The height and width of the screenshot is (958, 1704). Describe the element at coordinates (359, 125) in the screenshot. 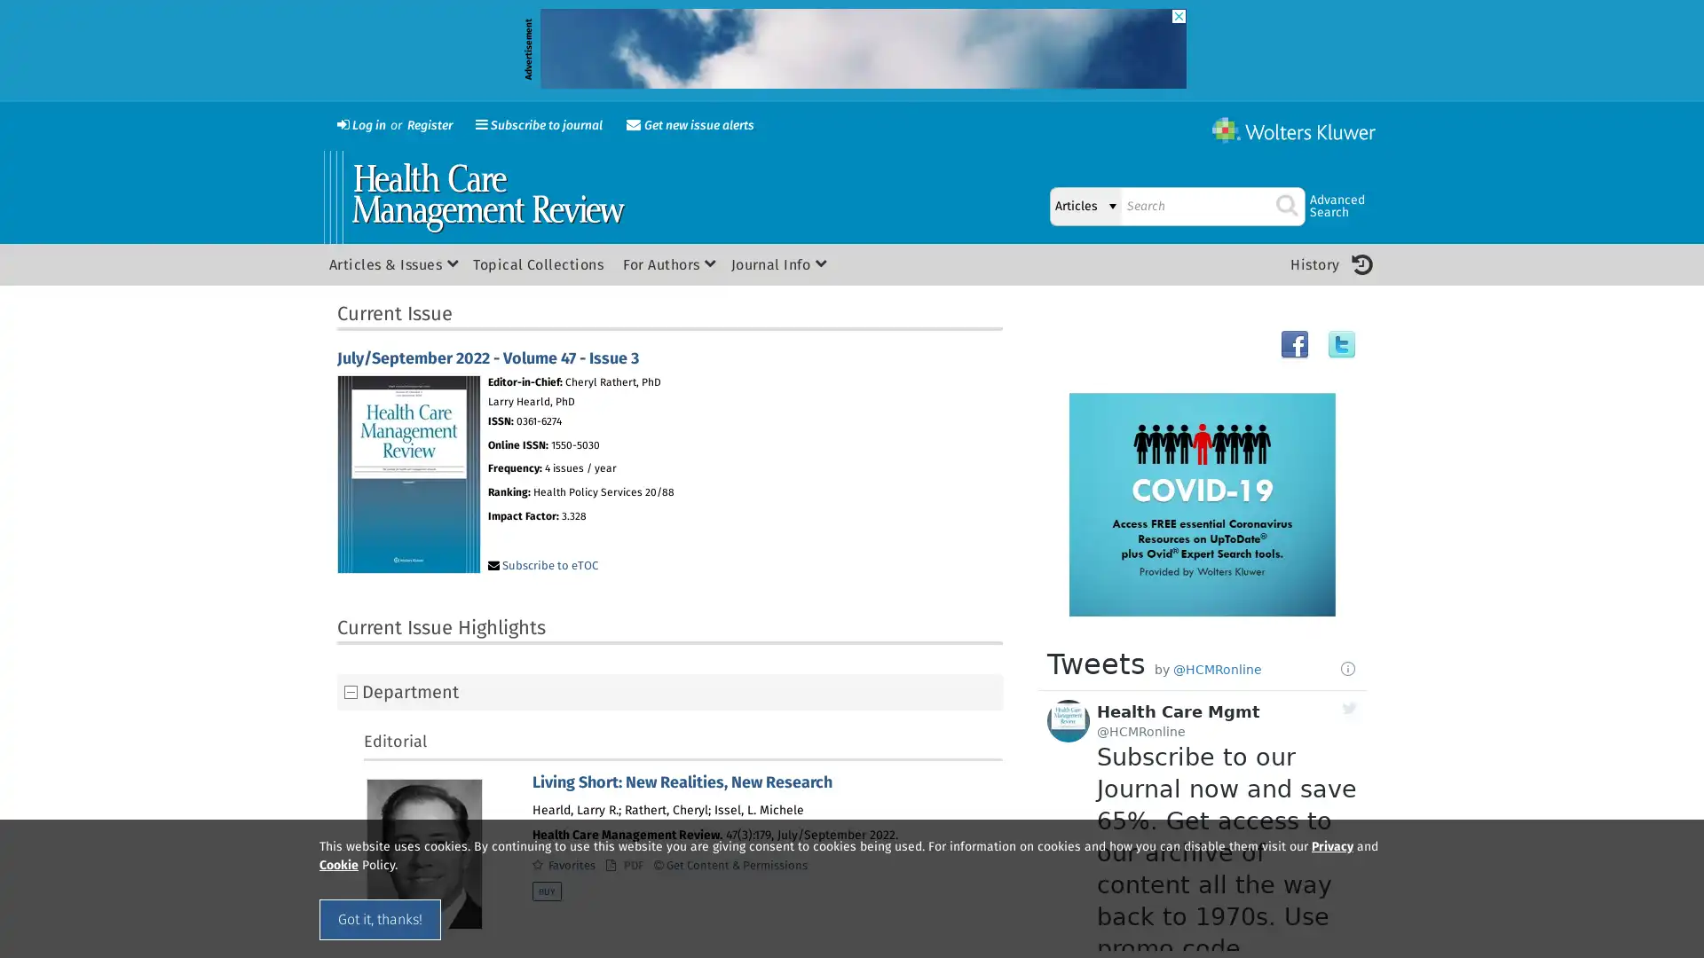

I see `Log in` at that location.